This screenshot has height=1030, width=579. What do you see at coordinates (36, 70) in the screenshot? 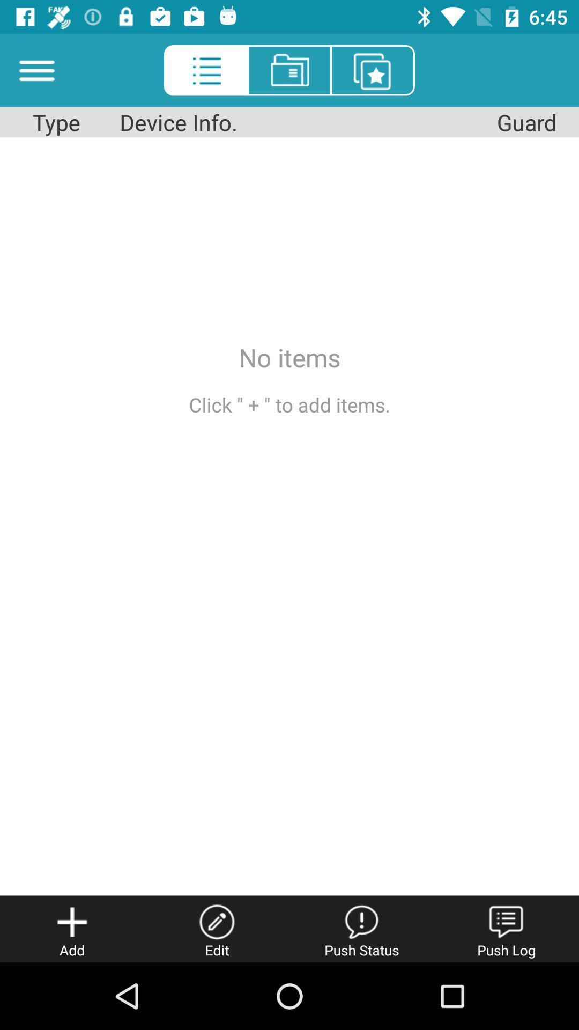
I see `the menu icon` at bounding box center [36, 70].